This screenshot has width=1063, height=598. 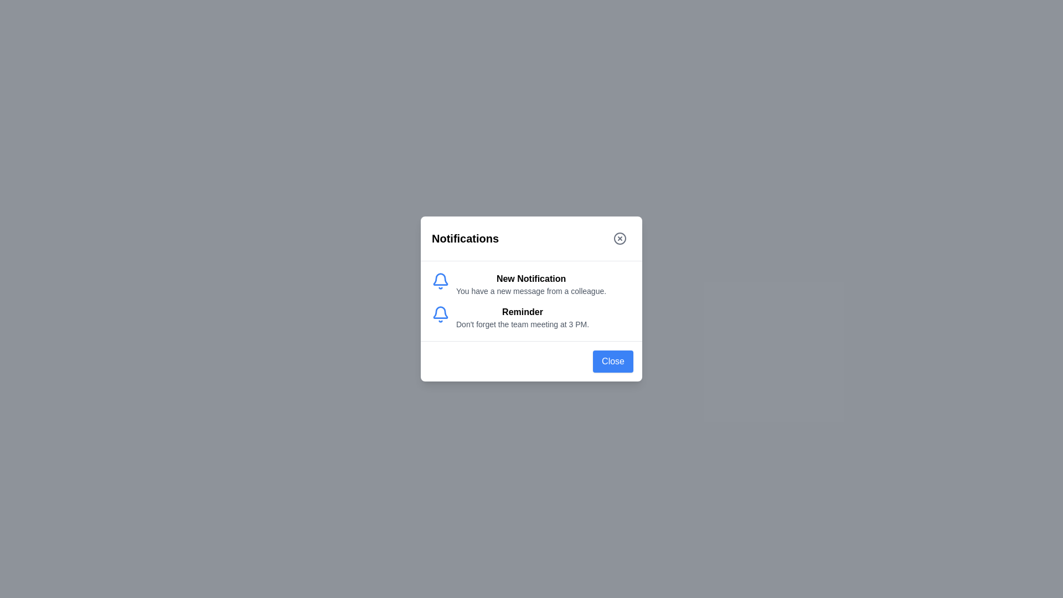 I want to click on the gray-colored text label displaying the message 'Don't forget the team meeting at 3 PM.' located under the 'Reminder' header in the notification component, so click(x=522, y=324).